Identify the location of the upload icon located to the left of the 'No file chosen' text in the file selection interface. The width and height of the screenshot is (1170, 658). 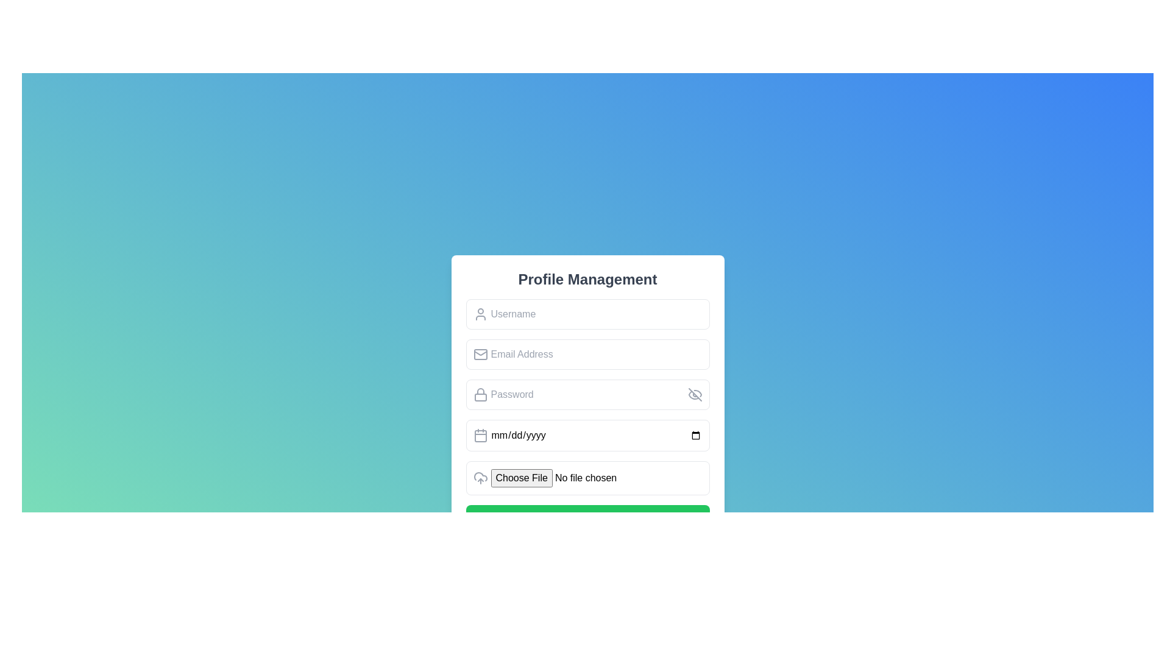
(480, 478).